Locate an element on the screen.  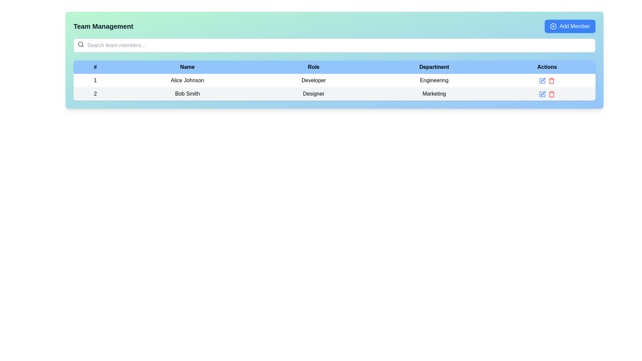
the SVG circle element that represents the lens of the magnifying glass icon used for search functionality in the text input for searching a team member is located at coordinates (80, 44).